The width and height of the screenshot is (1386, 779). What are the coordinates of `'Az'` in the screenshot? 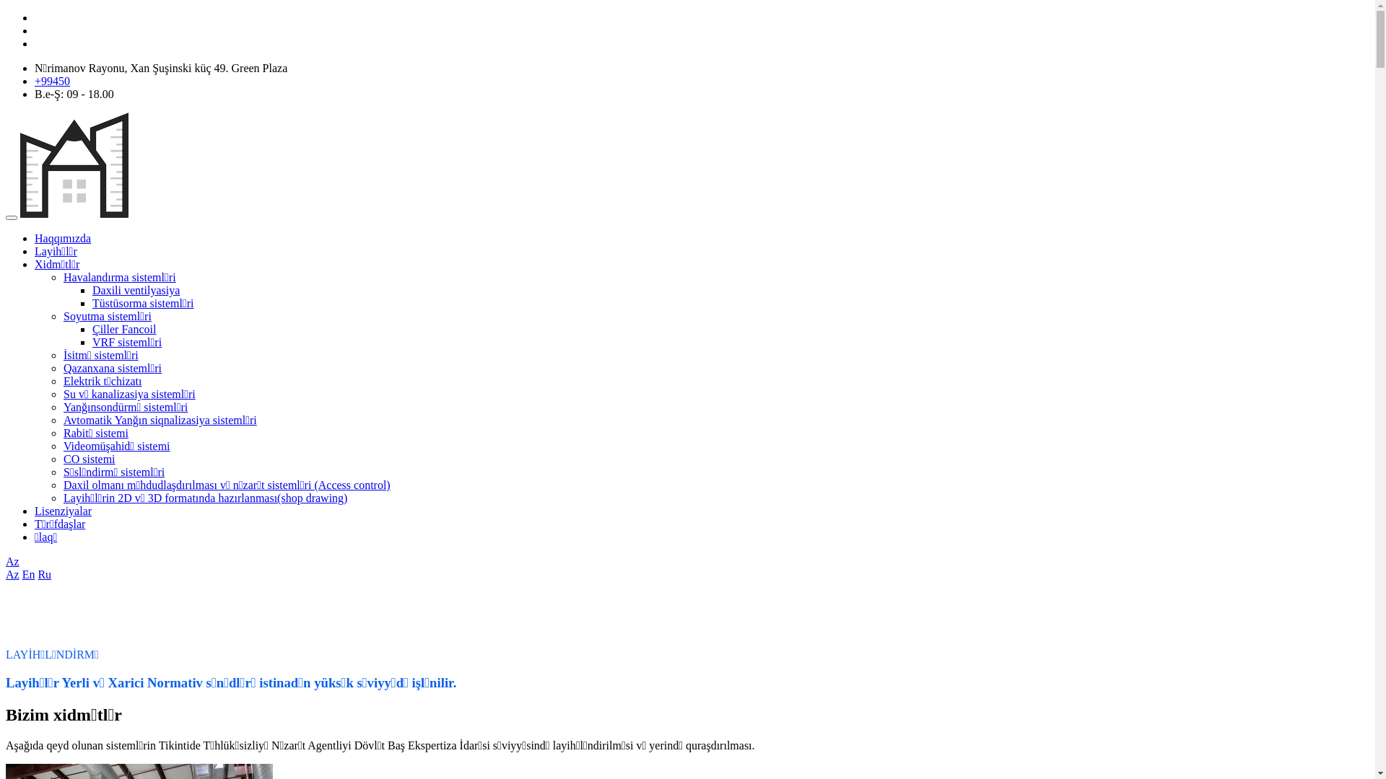 It's located at (12, 573).